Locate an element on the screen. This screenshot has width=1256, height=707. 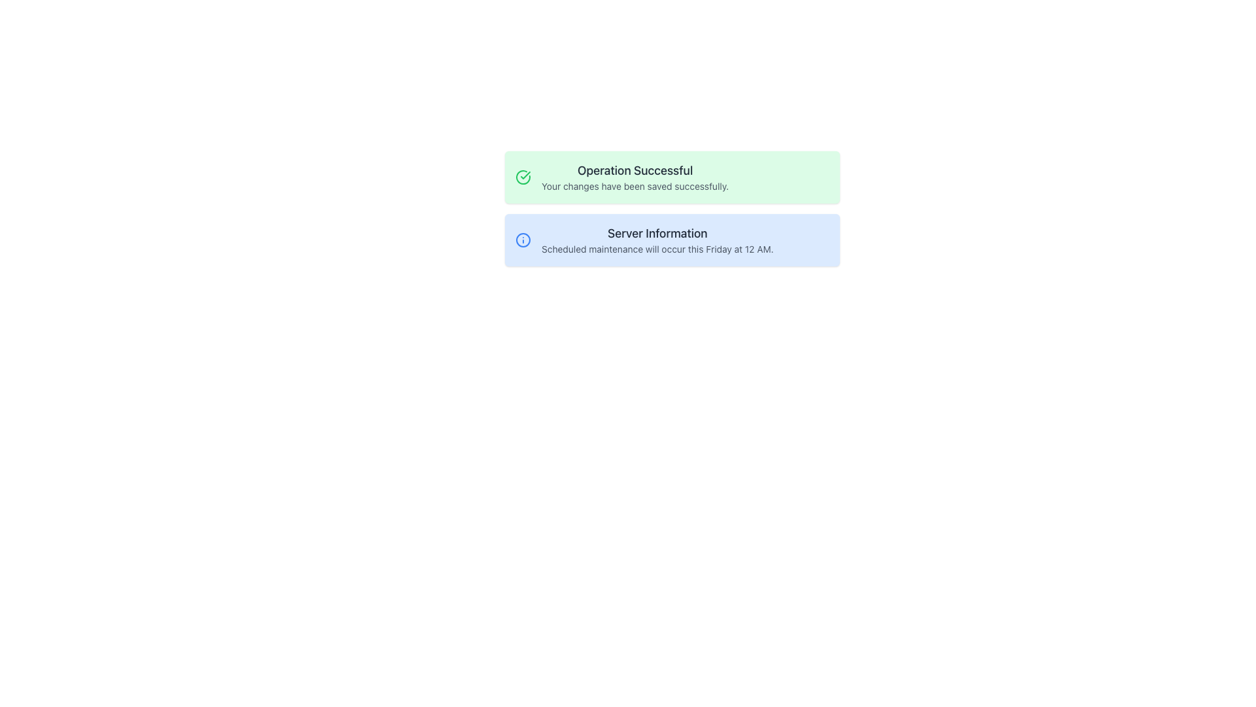
the status icon that indicates a successful operation, located in the green notification panel, next to the texts 'Operation Successful' and 'Your changes have been saved successfully.' is located at coordinates (523, 177).